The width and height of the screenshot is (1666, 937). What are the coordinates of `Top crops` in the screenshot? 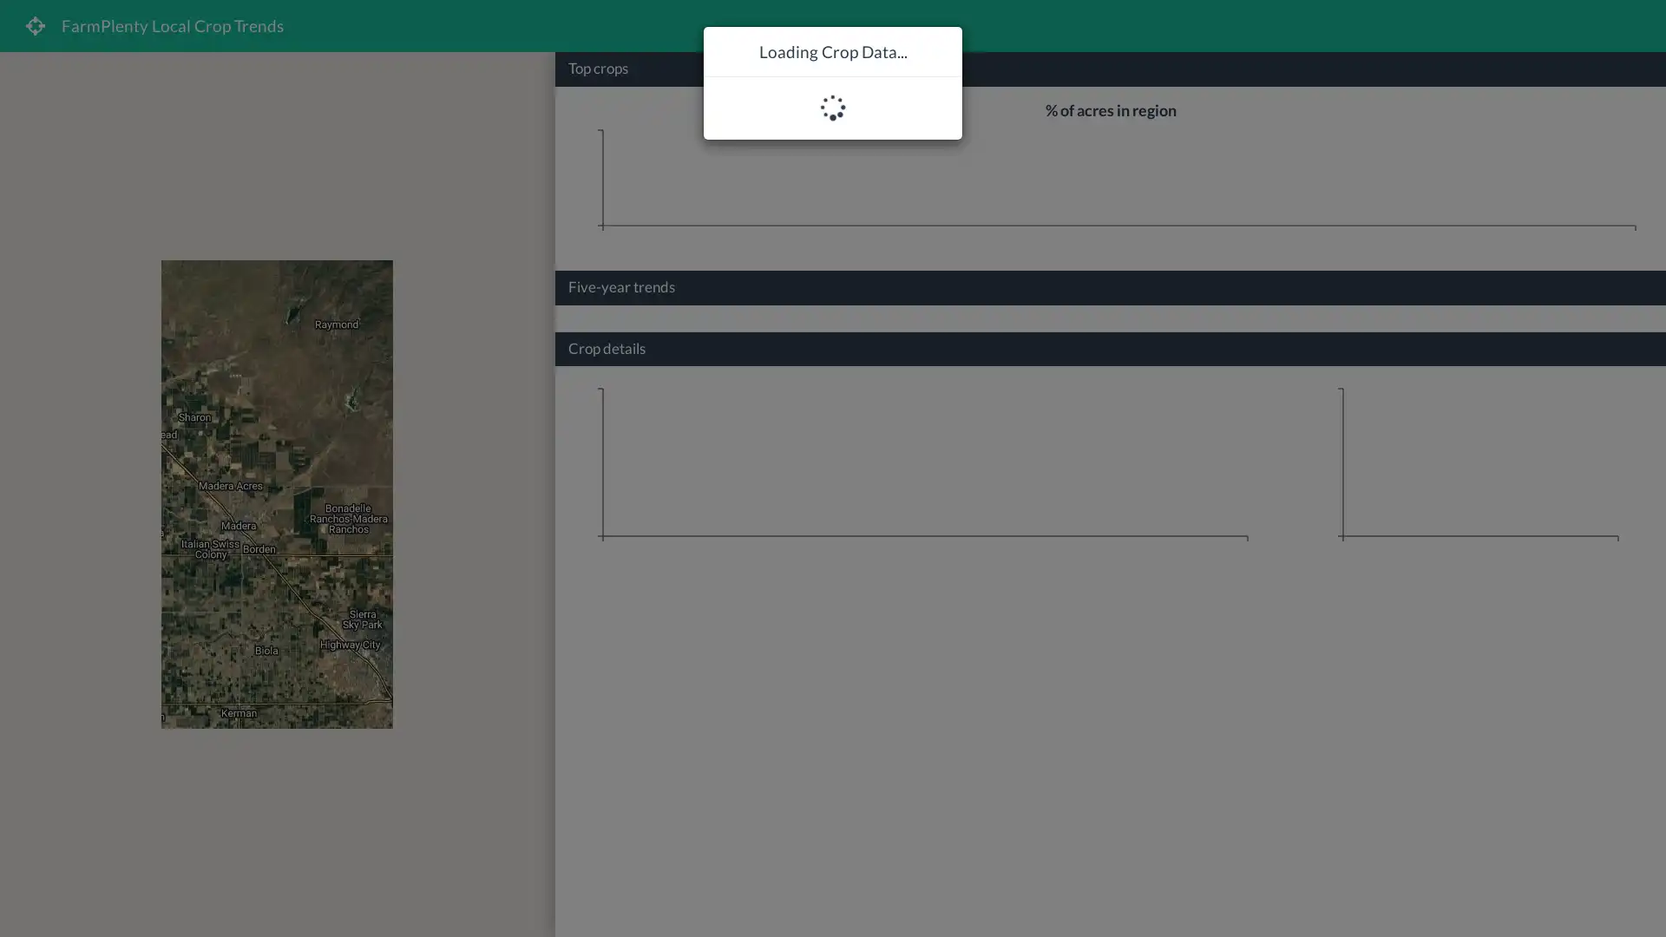 It's located at (598, 67).